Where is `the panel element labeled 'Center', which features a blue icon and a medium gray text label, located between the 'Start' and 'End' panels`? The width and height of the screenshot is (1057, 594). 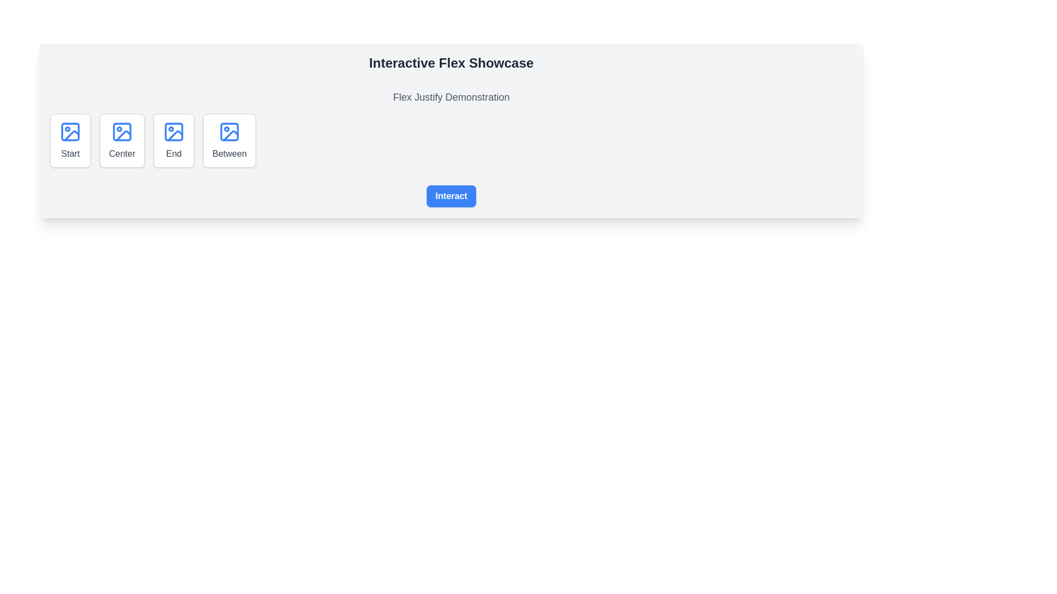 the panel element labeled 'Center', which features a blue icon and a medium gray text label, located between the 'Start' and 'End' panels is located at coordinates (122, 140).